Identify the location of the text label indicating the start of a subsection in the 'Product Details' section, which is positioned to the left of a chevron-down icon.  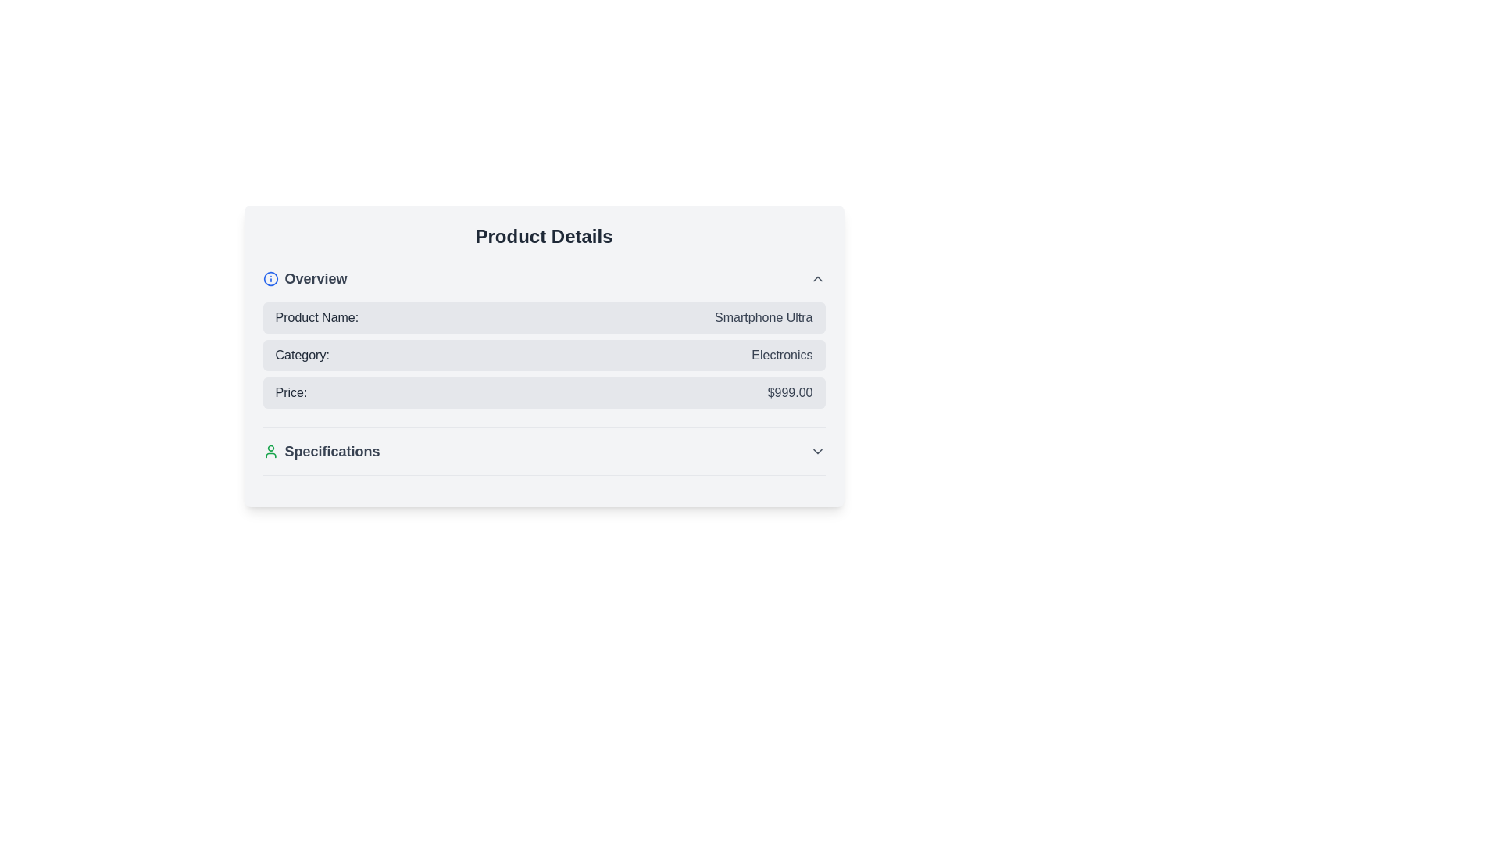
(320, 452).